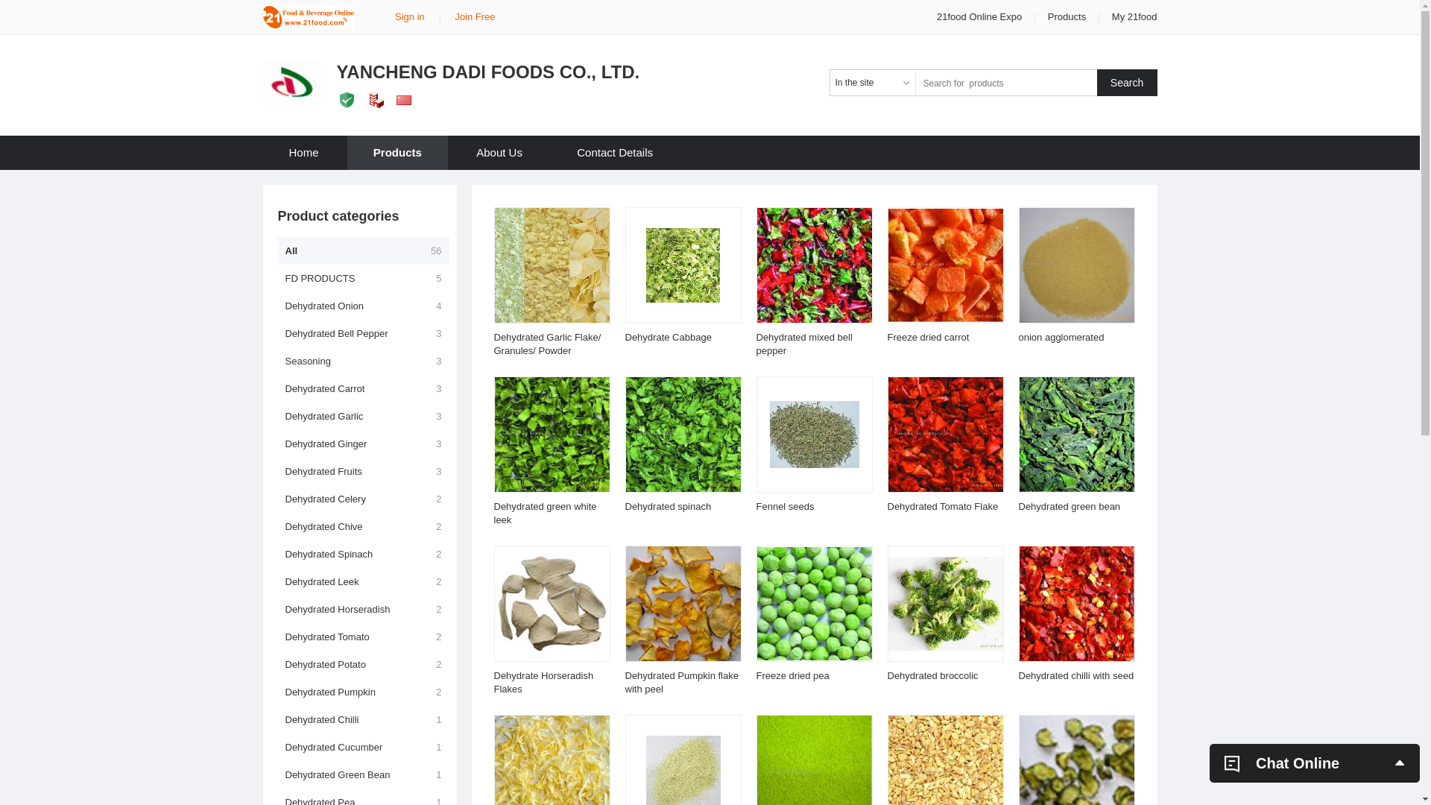  Describe the element at coordinates (615, 152) in the screenshot. I see `'Contact Details'` at that location.